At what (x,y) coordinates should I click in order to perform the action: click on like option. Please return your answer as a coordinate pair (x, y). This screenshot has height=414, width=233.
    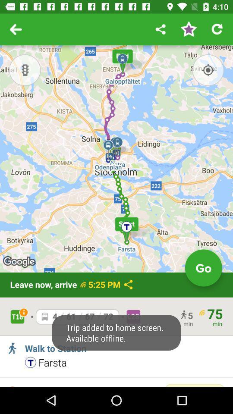
    Looking at the image, I should click on (188, 29).